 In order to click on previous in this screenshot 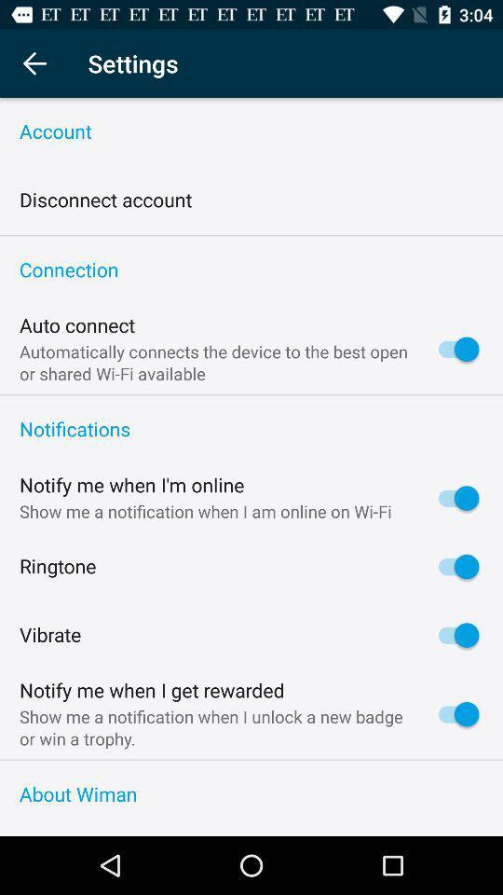, I will do `click(34, 63)`.